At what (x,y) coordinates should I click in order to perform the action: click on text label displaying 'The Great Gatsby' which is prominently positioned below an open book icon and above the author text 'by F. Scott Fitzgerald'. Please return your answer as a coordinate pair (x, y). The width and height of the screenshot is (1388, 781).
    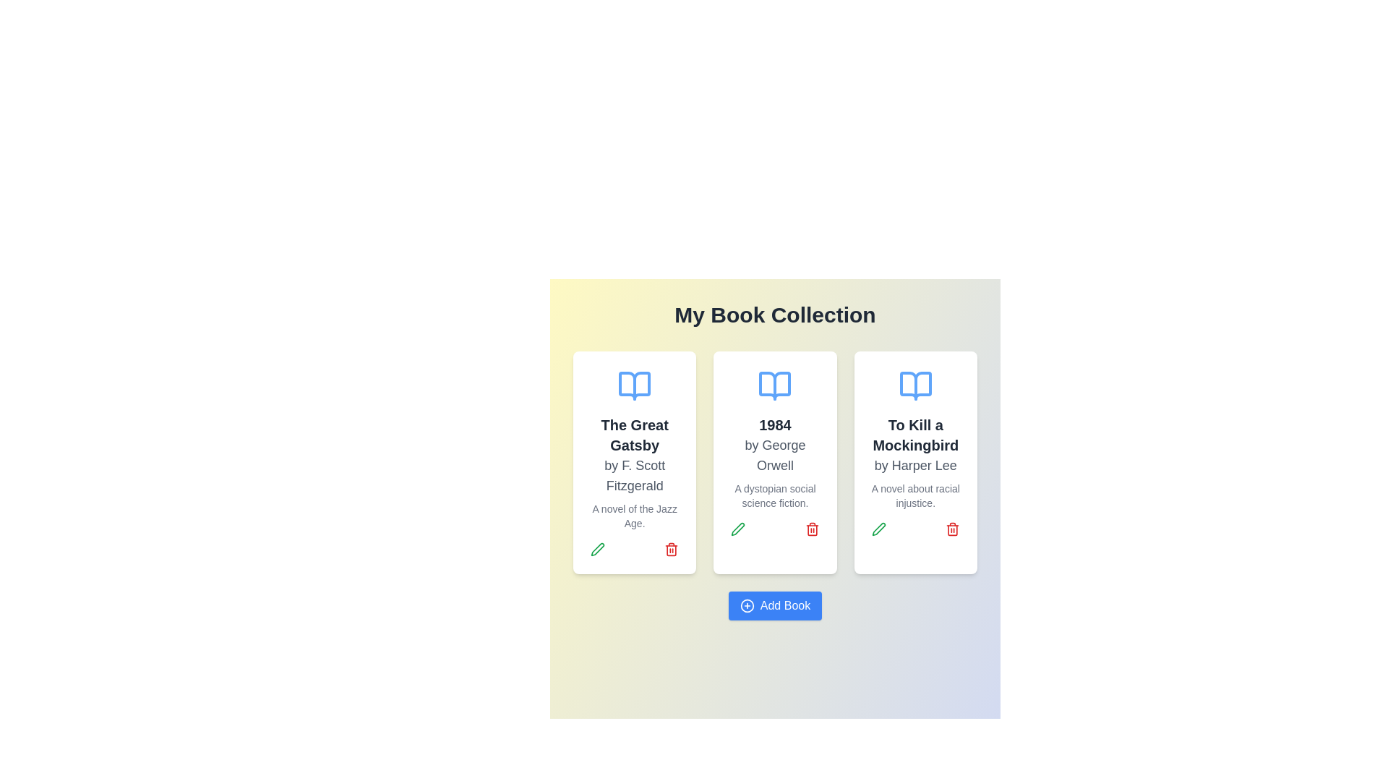
    Looking at the image, I should click on (635, 434).